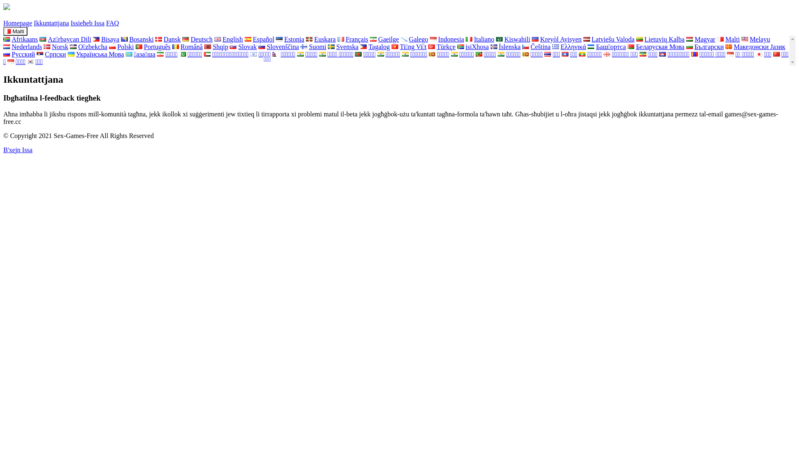  What do you see at coordinates (480, 39) in the screenshot?
I see `'Italiano'` at bounding box center [480, 39].